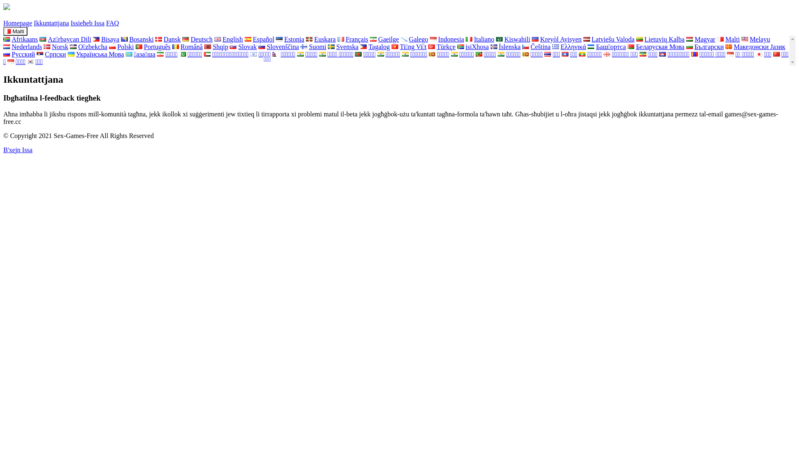  What do you see at coordinates (480, 39) in the screenshot?
I see `'Italiano'` at bounding box center [480, 39].